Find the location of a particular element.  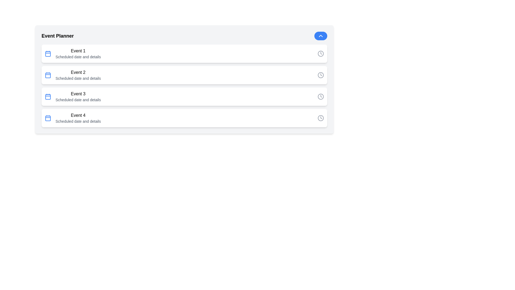

the clock icon located at the far-right end of the 'Event 2' row in the Event Planner, which features a circular outline with clock hands pointing towards 6 and 2 is located at coordinates (321, 75).